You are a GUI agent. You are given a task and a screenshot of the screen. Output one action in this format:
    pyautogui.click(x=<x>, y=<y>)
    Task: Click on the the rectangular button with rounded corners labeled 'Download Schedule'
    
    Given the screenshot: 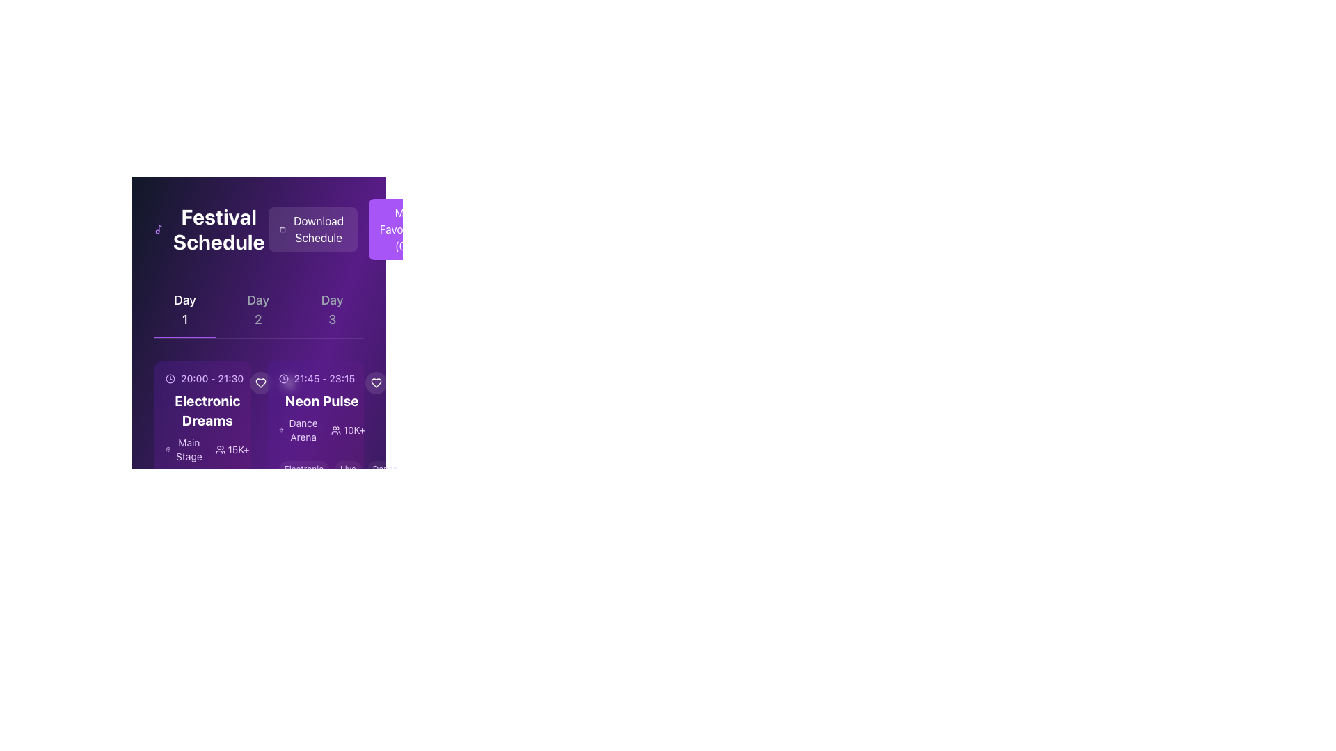 What is the action you would take?
    pyautogui.click(x=352, y=229)
    